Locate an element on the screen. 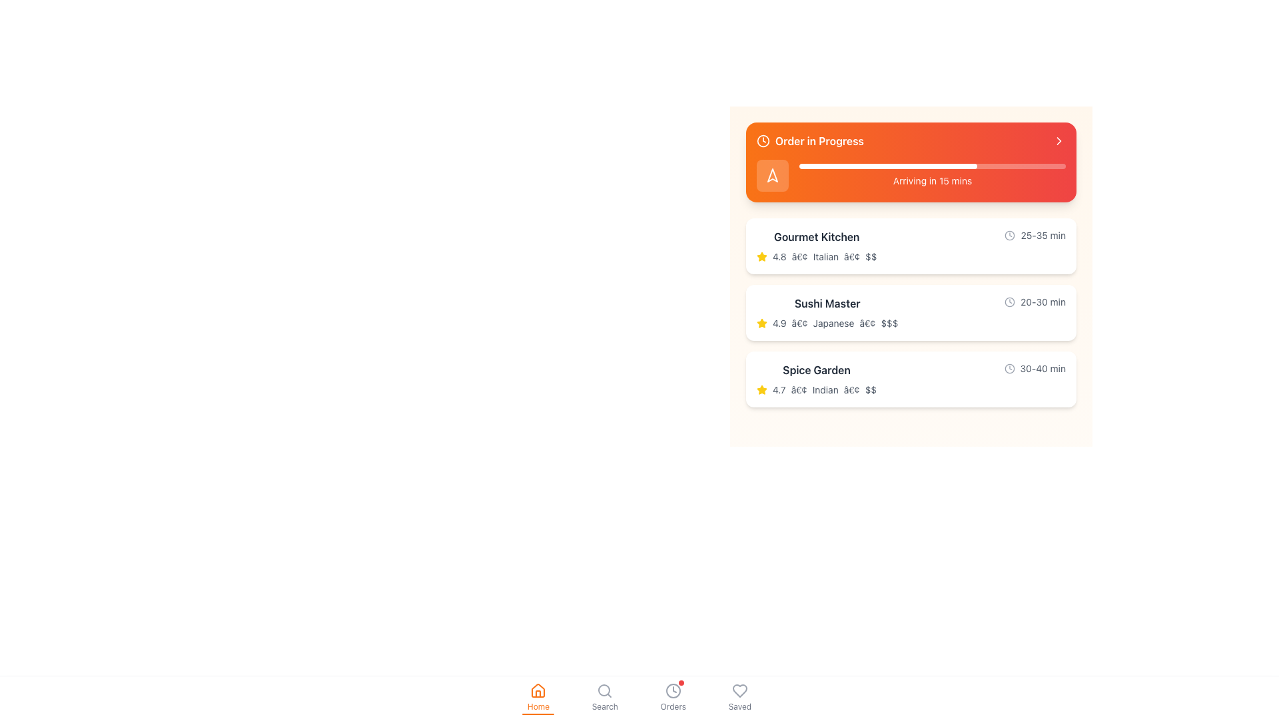 The image size is (1279, 719). the decorative icon located on the far left of the 'Arriving in 15 mins' group, adjacent to the progress bar is located at coordinates (773, 174).